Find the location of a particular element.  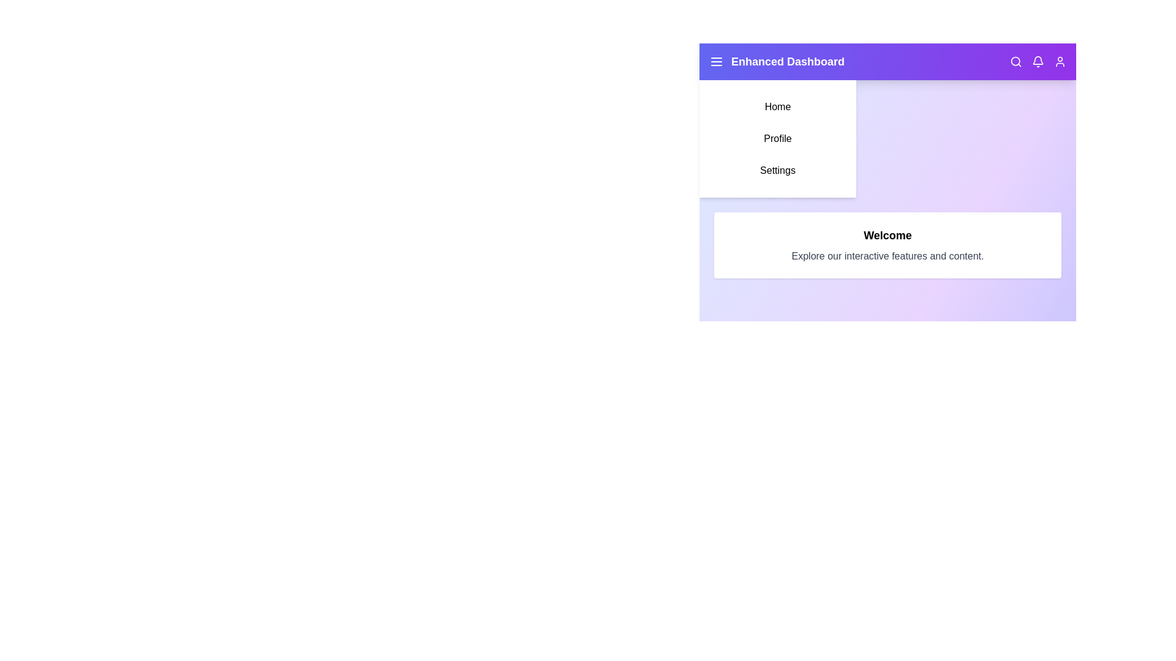

the 'Search' icon in the EnhancedAppBar is located at coordinates (1016, 61).